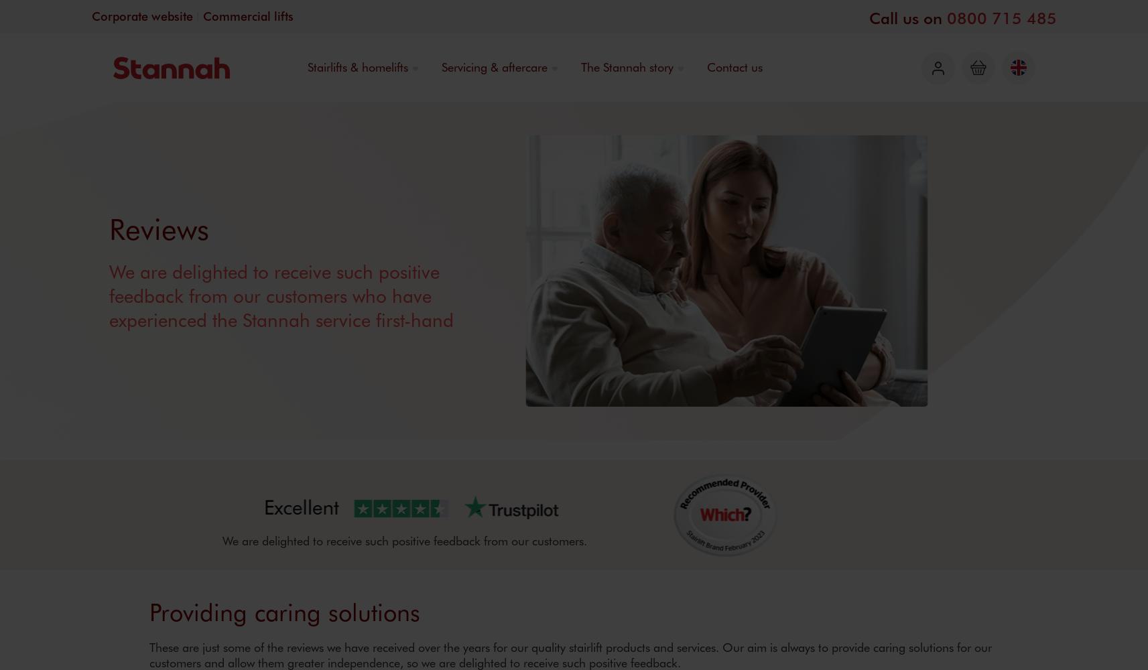  I want to click on 'Servicing & aftercare', so click(493, 66).